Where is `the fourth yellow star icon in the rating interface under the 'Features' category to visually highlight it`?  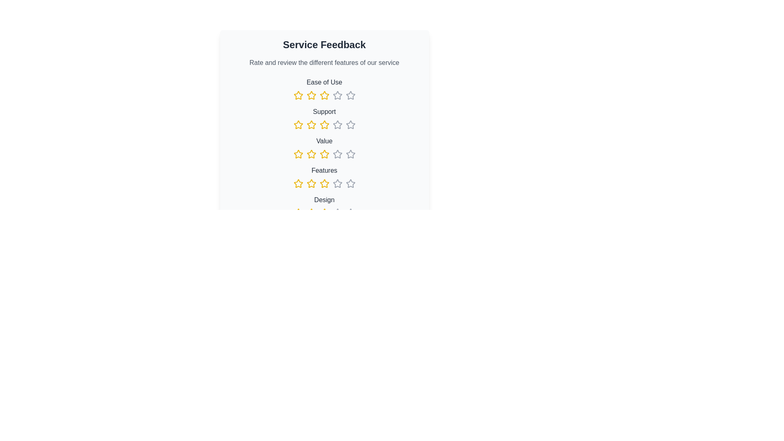
the fourth yellow star icon in the rating interface under the 'Features' category to visually highlight it is located at coordinates (298, 183).